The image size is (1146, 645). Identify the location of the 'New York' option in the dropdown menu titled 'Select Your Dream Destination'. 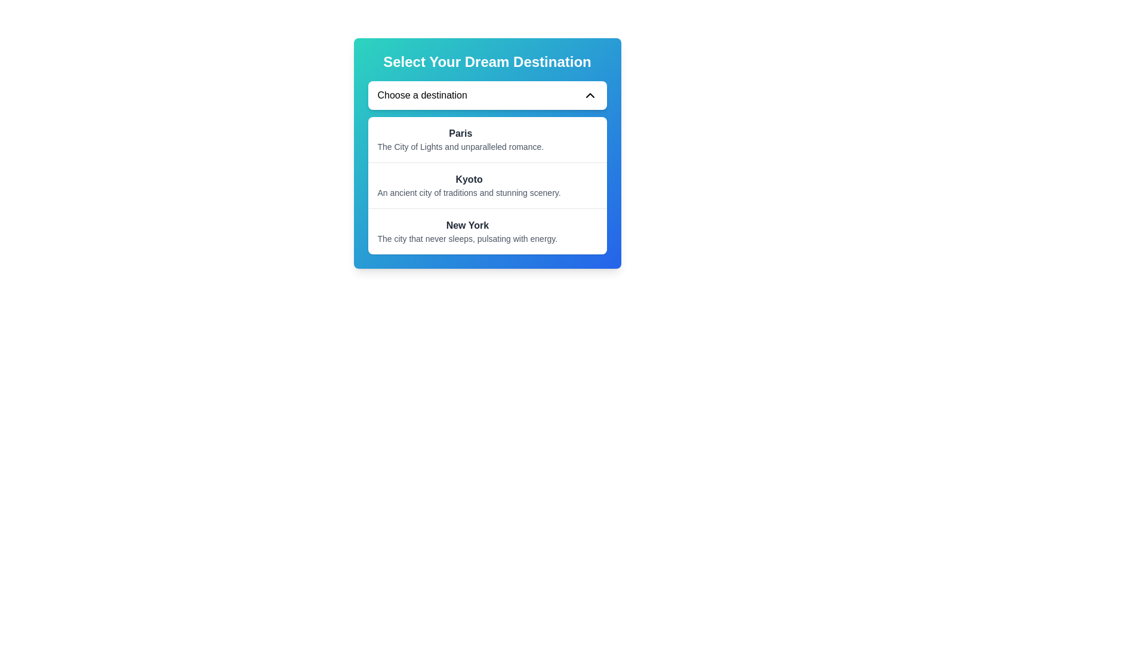
(467, 232).